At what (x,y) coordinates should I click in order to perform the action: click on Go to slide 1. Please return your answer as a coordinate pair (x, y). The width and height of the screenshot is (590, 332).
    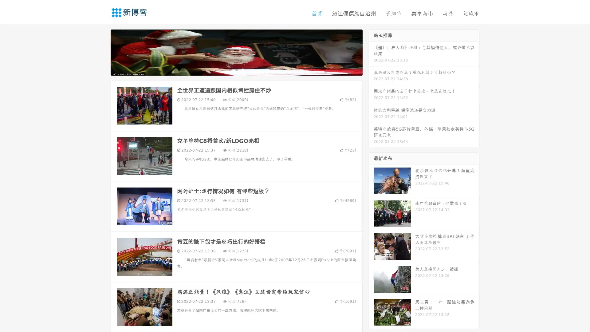
    Looking at the image, I should click on (230, 69).